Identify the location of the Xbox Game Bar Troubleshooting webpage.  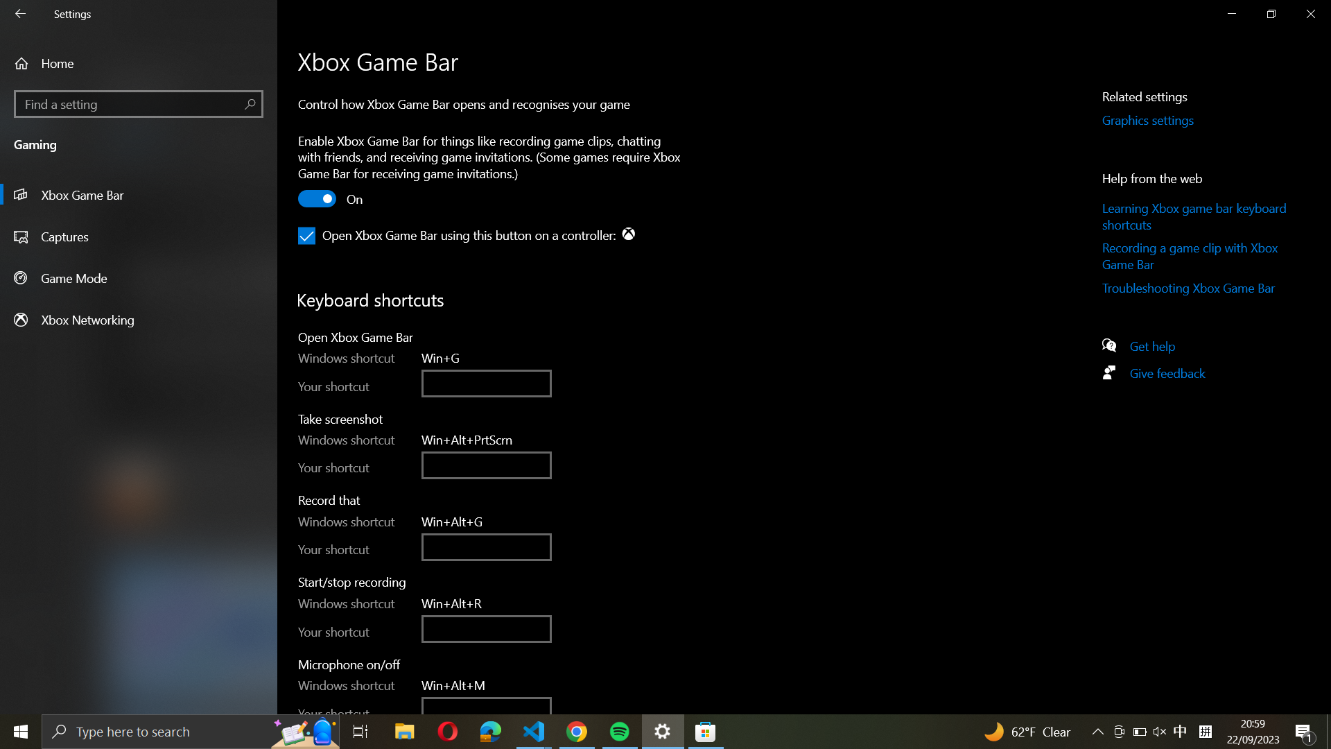
(1197, 290).